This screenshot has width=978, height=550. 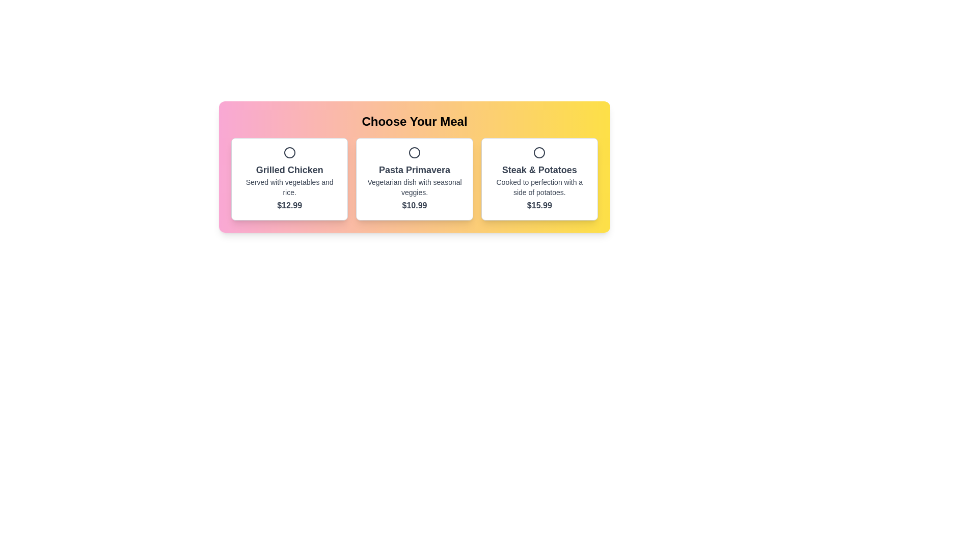 I want to click on the 'Grilled Chicken' meal option in the horizontally aligned list of meal options, located on the leftmost side, so click(x=289, y=187).